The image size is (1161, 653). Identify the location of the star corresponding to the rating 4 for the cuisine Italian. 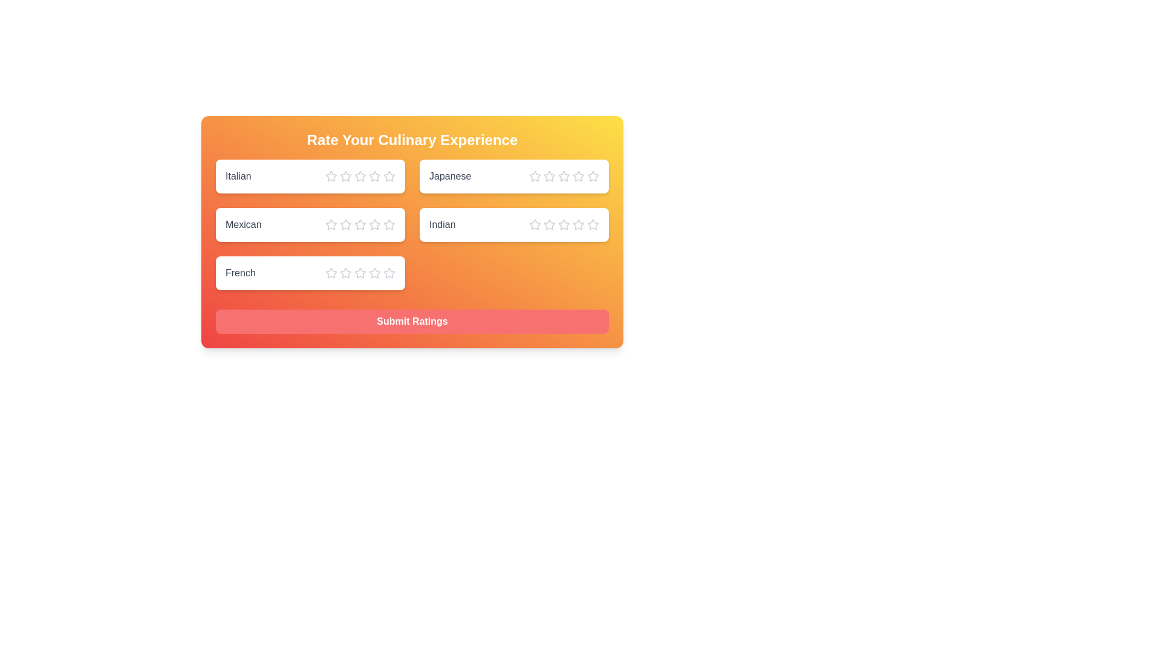
(374, 177).